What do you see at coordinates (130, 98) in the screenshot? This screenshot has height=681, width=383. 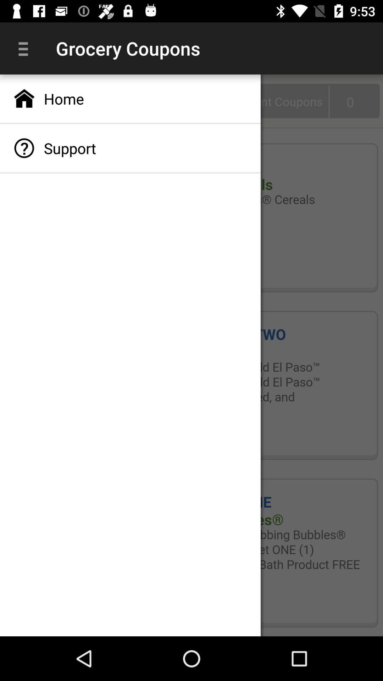 I see `the icon above the support app` at bounding box center [130, 98].